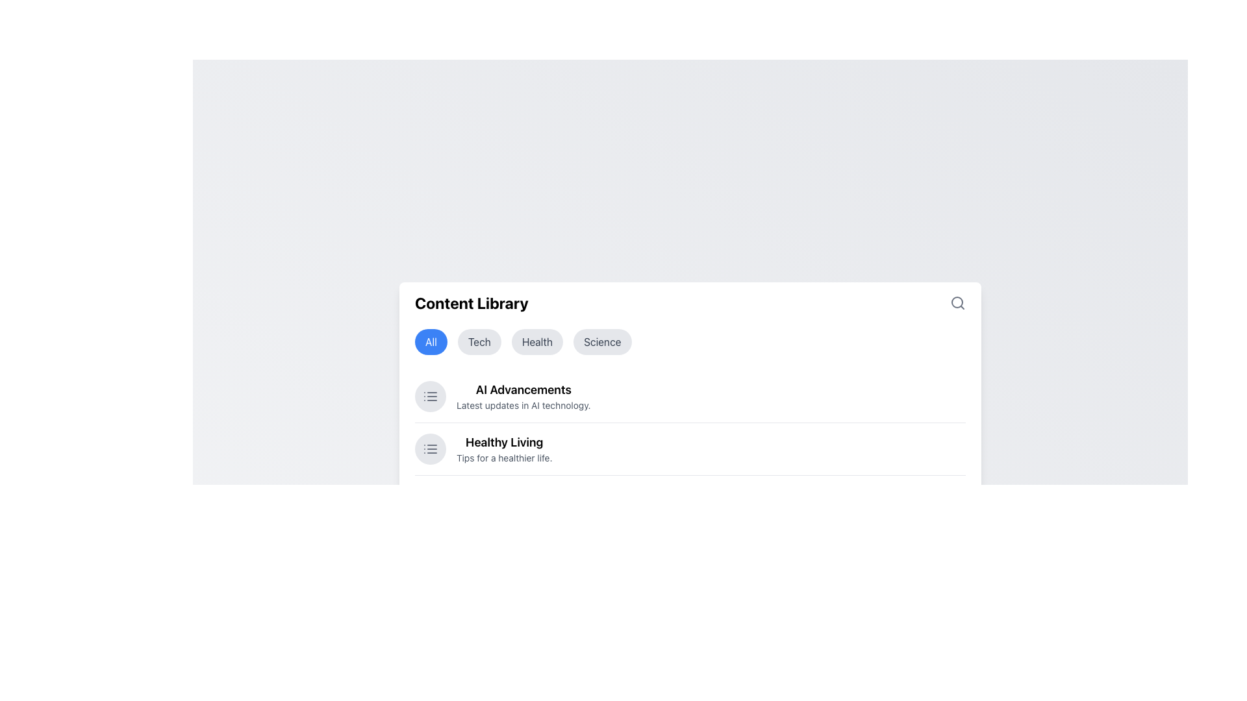 This screenshot has width=1247, height=701. What do you see at coordinates (523, 389) in the screenshot?
I see `the text label reading 'AI Advancements' which is prominently styled in bold and larger font, located in the content list under 'Content Library'` at bounding box center [523, 389].